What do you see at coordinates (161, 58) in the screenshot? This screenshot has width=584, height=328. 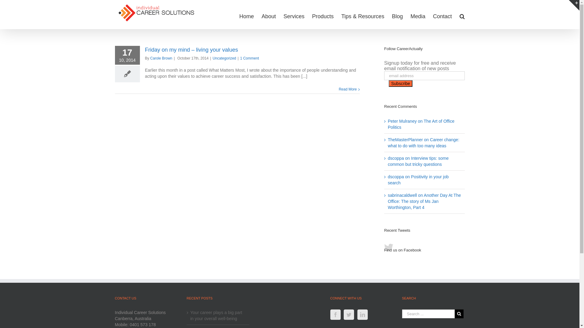 I see `'Carole Brown'` at bounding box center [161, 58].